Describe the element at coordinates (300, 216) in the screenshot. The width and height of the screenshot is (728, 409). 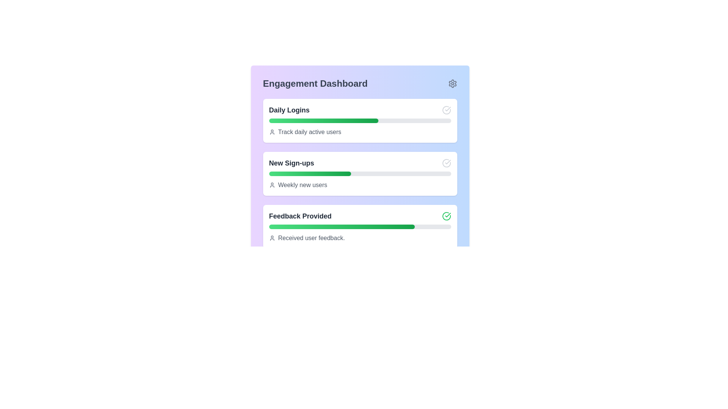
I see `the 'Feedback Provided' text label, which is styled with a bold font and dark gray color, located in the third card of the 'Engagement Dashboard' section, aligned to the left and at the top-left area of the card` at that location.